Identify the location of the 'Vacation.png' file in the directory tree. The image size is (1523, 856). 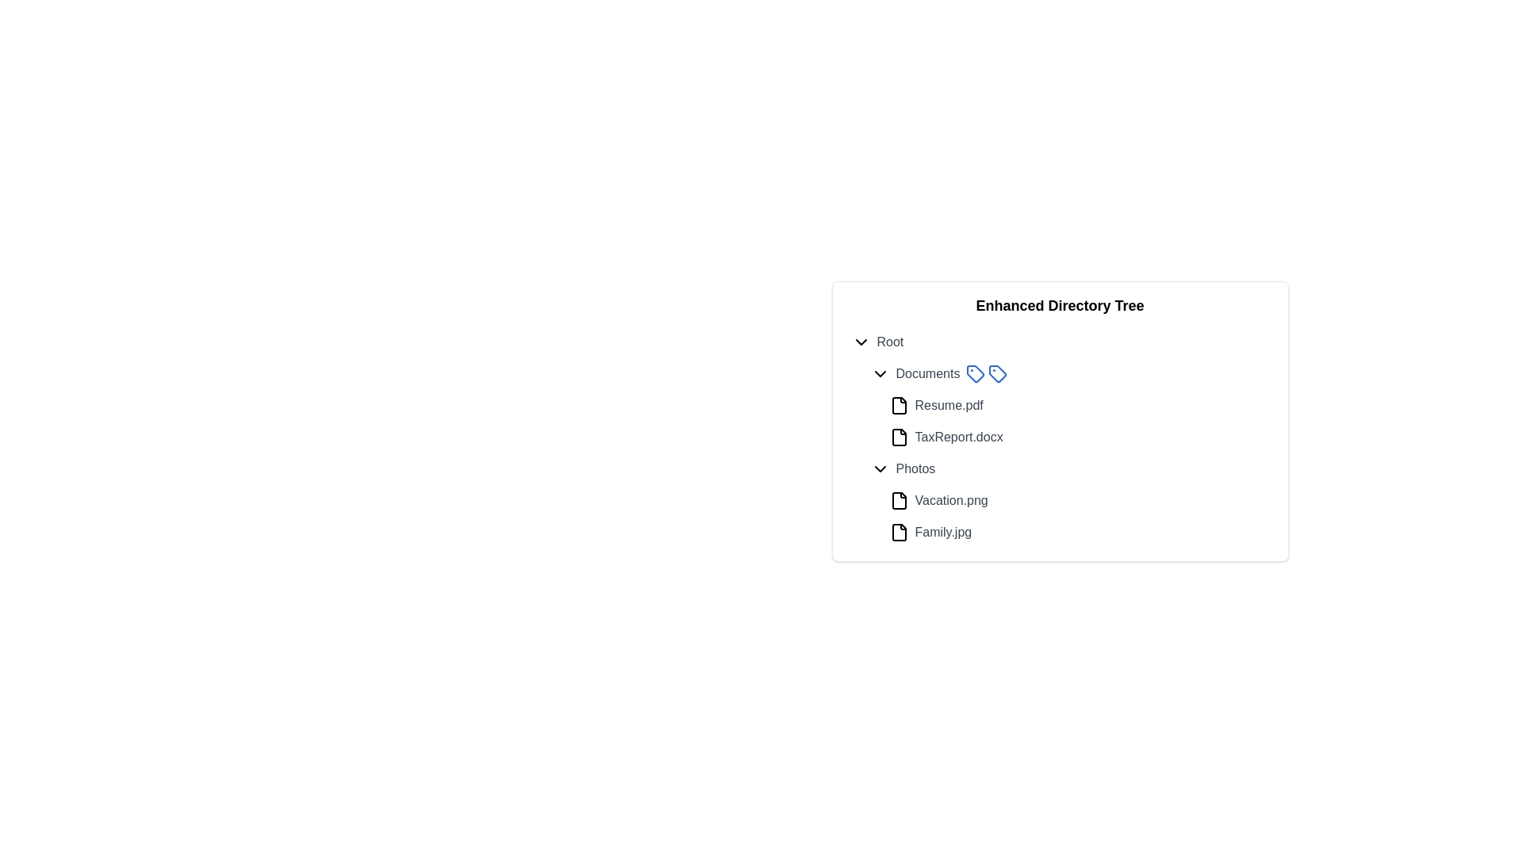
(1079, 501).